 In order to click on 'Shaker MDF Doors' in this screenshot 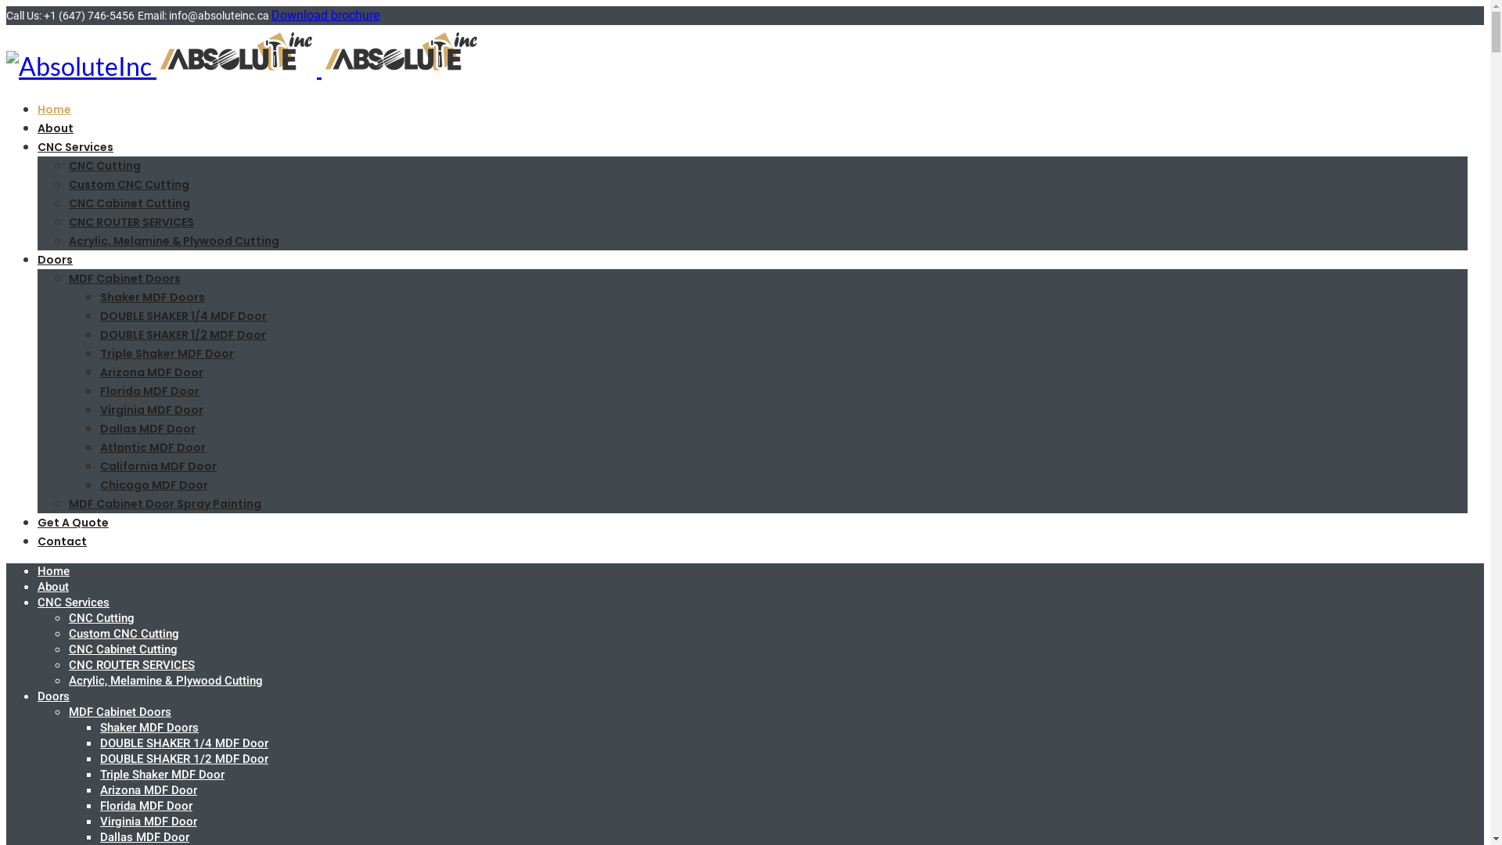, I will do `click(153, 297)`.